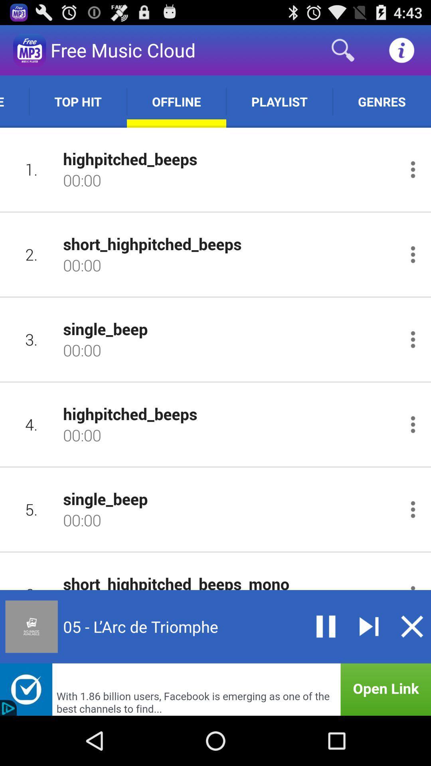 The height and width of the screenshot is (766, 431). What do you see at coordinates (413, 254) in the screenshot?
I see `configure sound options` at bounding box center [413, 254].